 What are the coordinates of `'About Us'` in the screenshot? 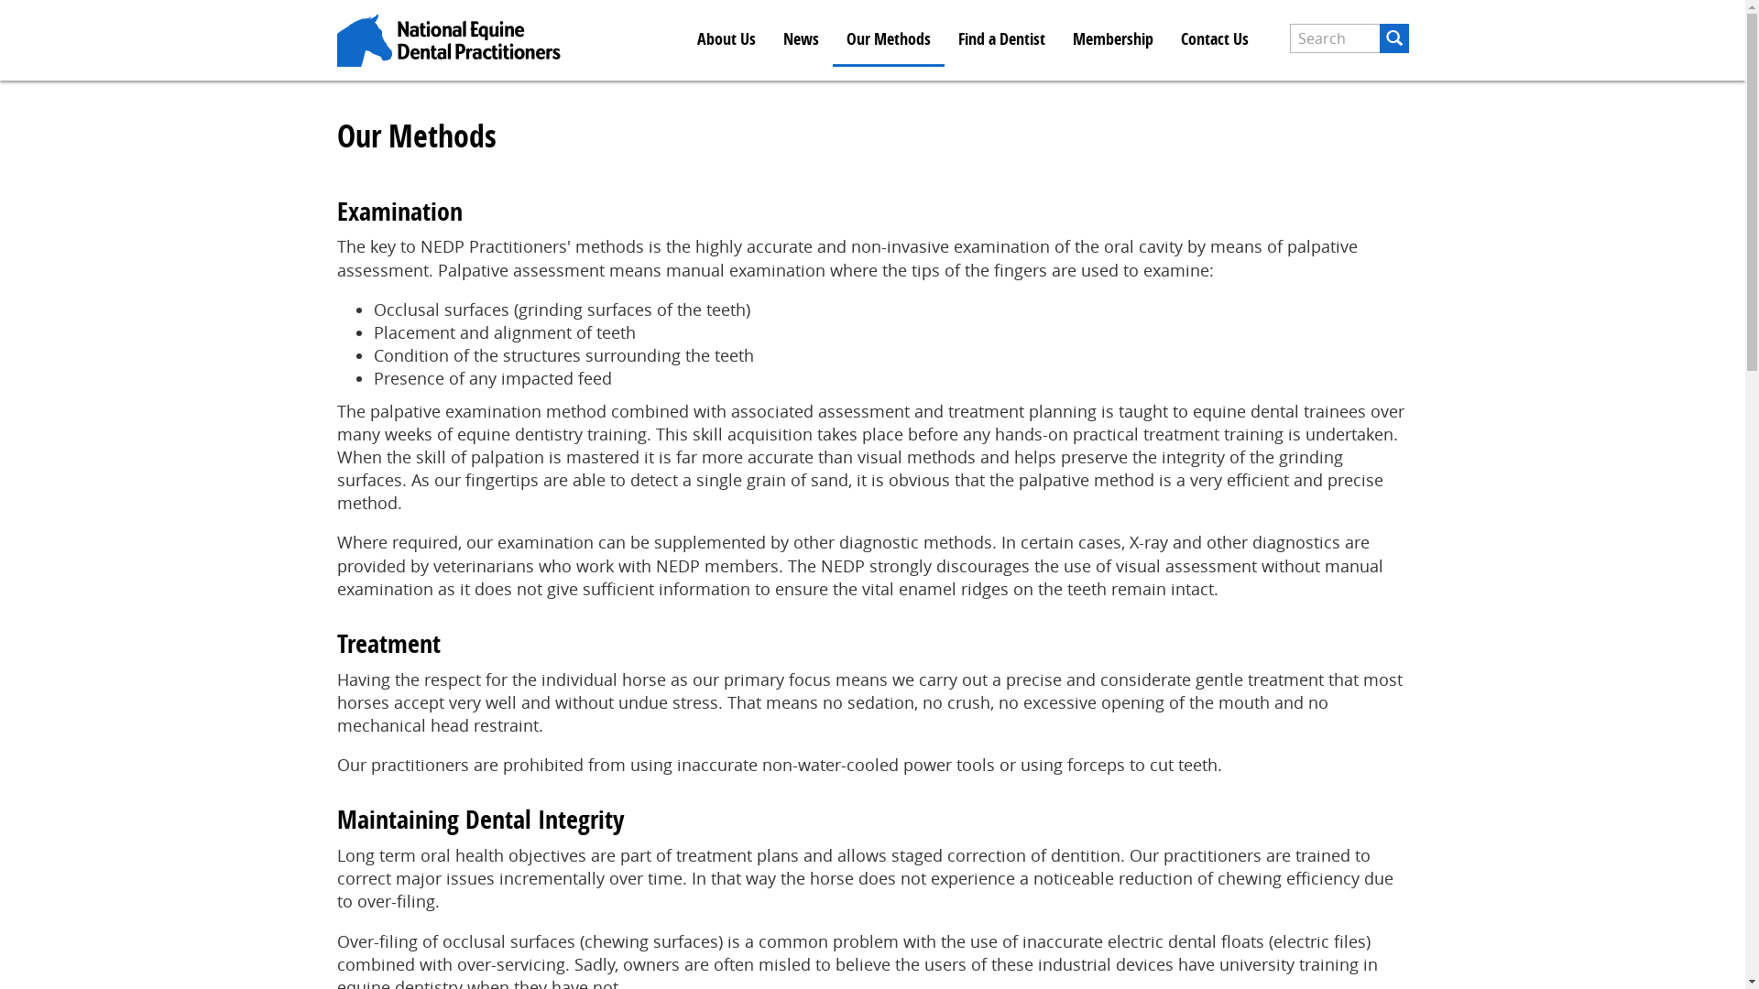 It's located at (725, 39).